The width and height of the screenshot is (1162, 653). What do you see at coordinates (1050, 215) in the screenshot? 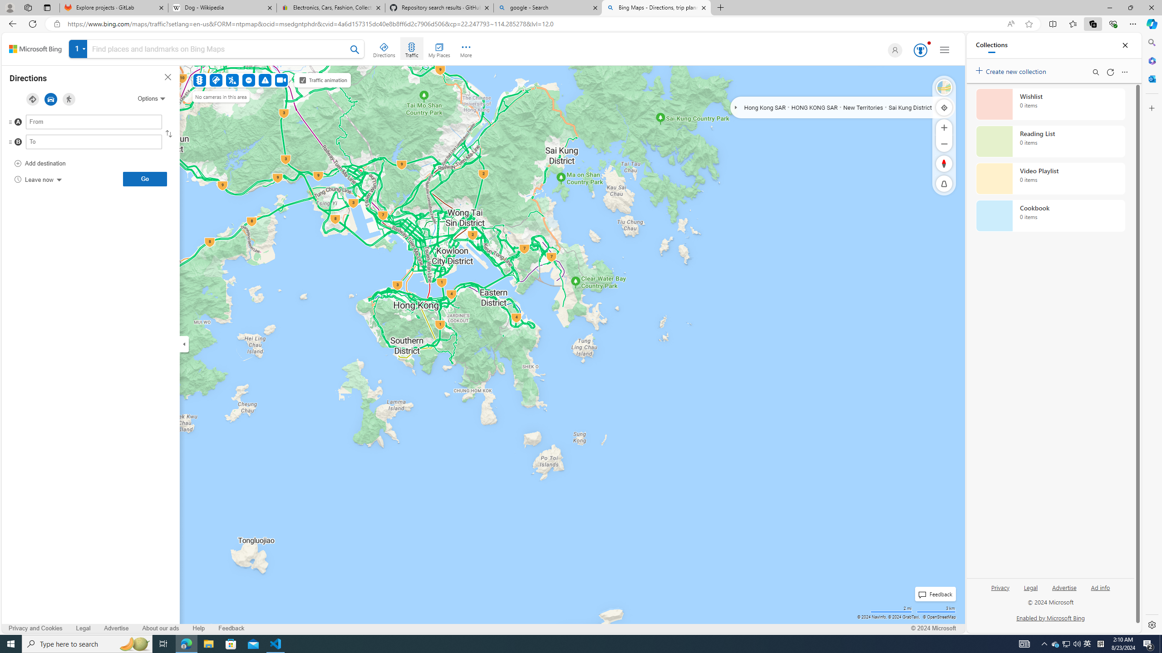
I see `'Cookbook collection, 0 items'` at bounding box center [1050, 215].